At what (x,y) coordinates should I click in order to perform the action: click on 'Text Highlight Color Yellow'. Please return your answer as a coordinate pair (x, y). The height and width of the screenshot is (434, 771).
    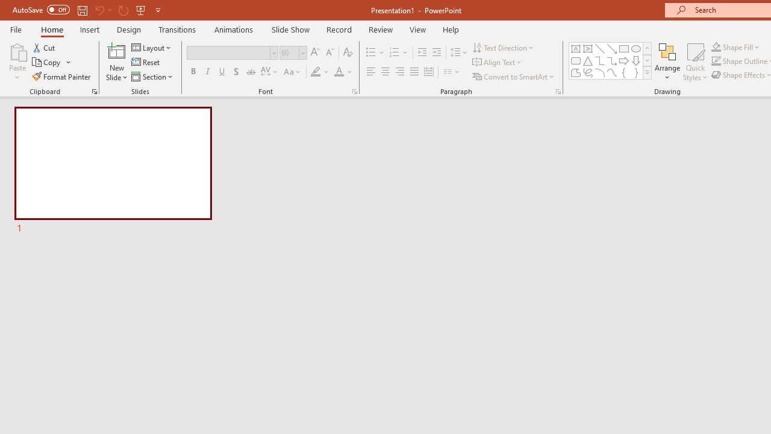
    Looking at the image, I should click on (316, 72).